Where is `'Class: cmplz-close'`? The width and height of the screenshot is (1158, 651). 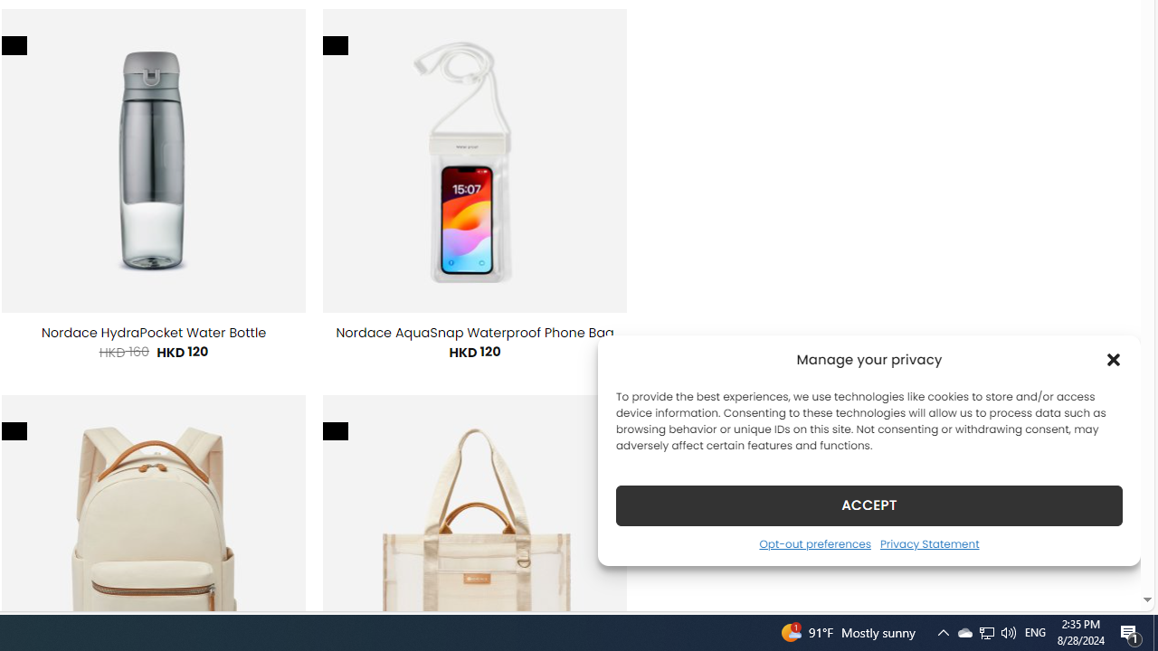 'Class: cmplz-close' is located at coordinates (1113, 359).